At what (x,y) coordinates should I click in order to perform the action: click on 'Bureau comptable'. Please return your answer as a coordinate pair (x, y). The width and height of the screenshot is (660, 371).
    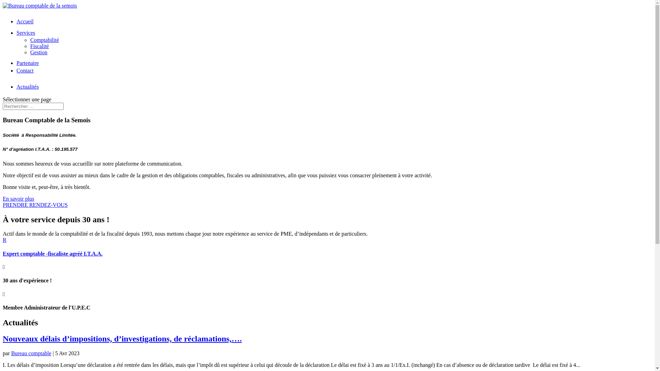
    Looking at the image, I should click on (31, 353).